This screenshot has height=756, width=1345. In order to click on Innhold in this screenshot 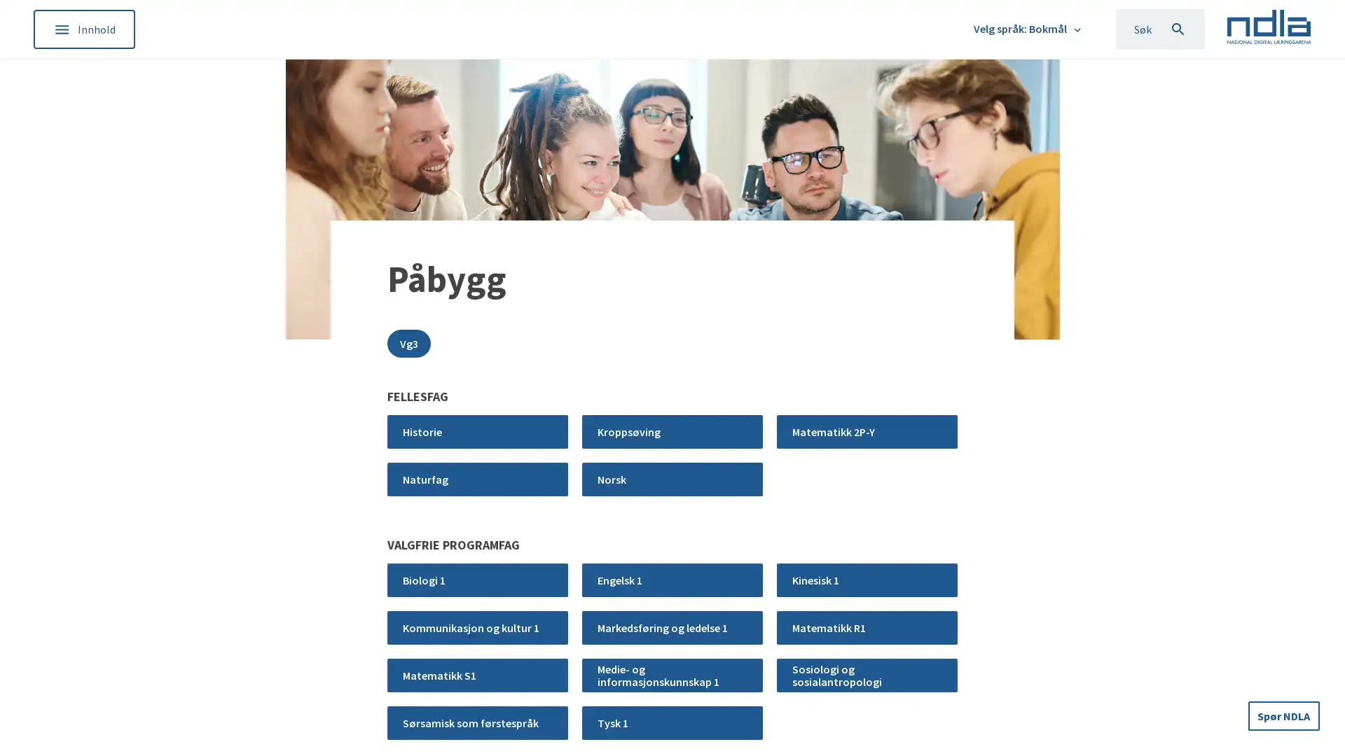, I will do `click(83, 29)`.